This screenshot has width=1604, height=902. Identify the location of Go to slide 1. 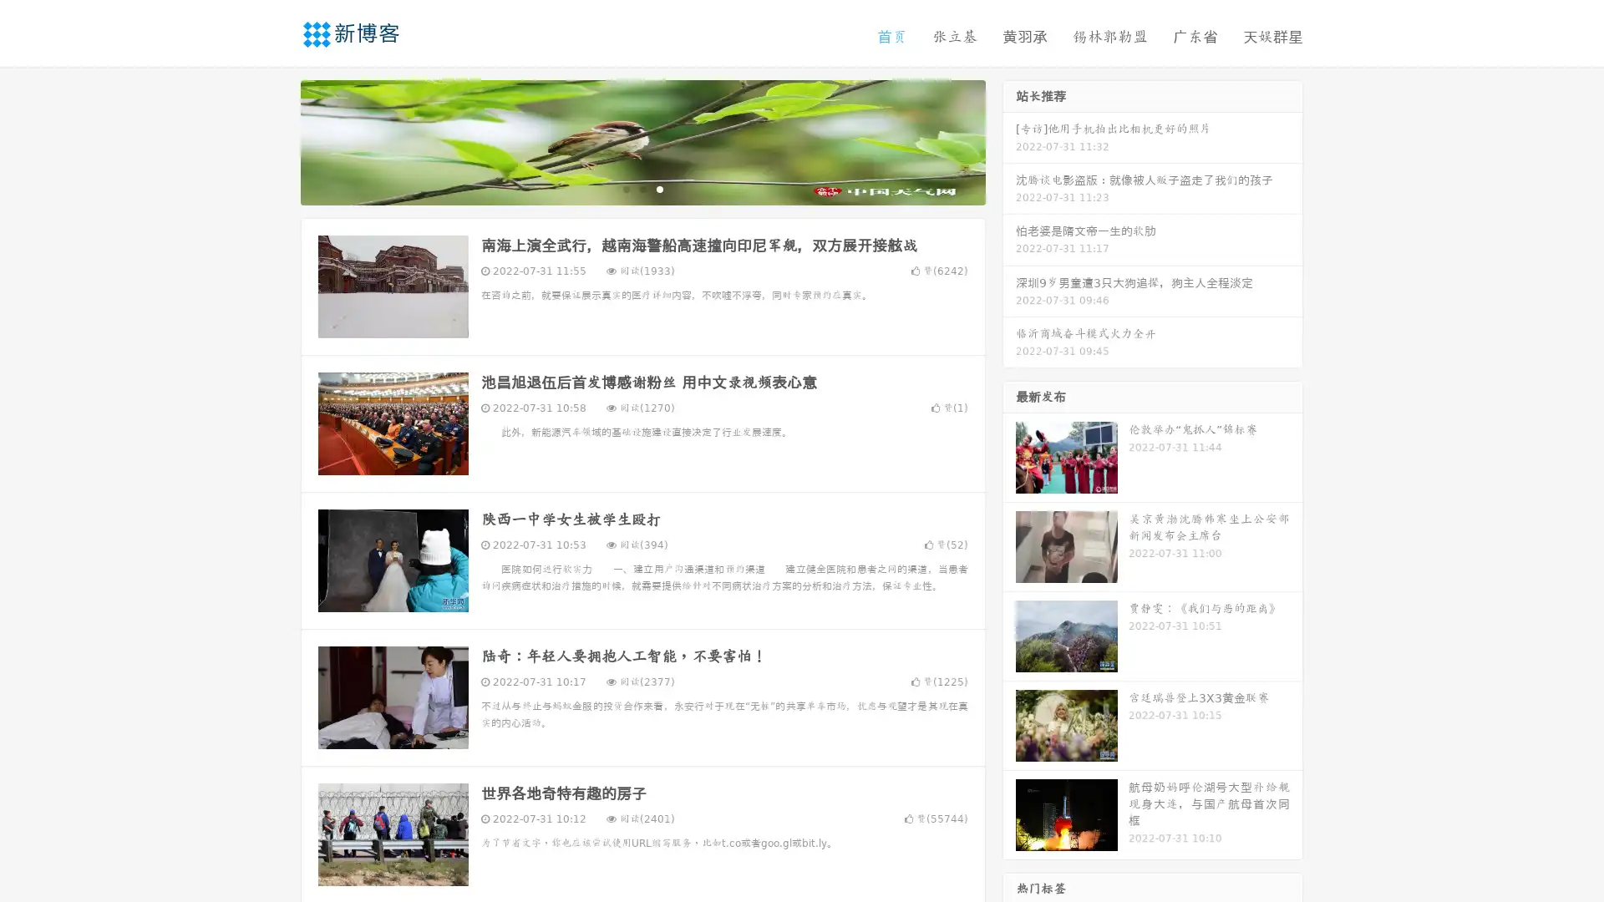
(625, 188).